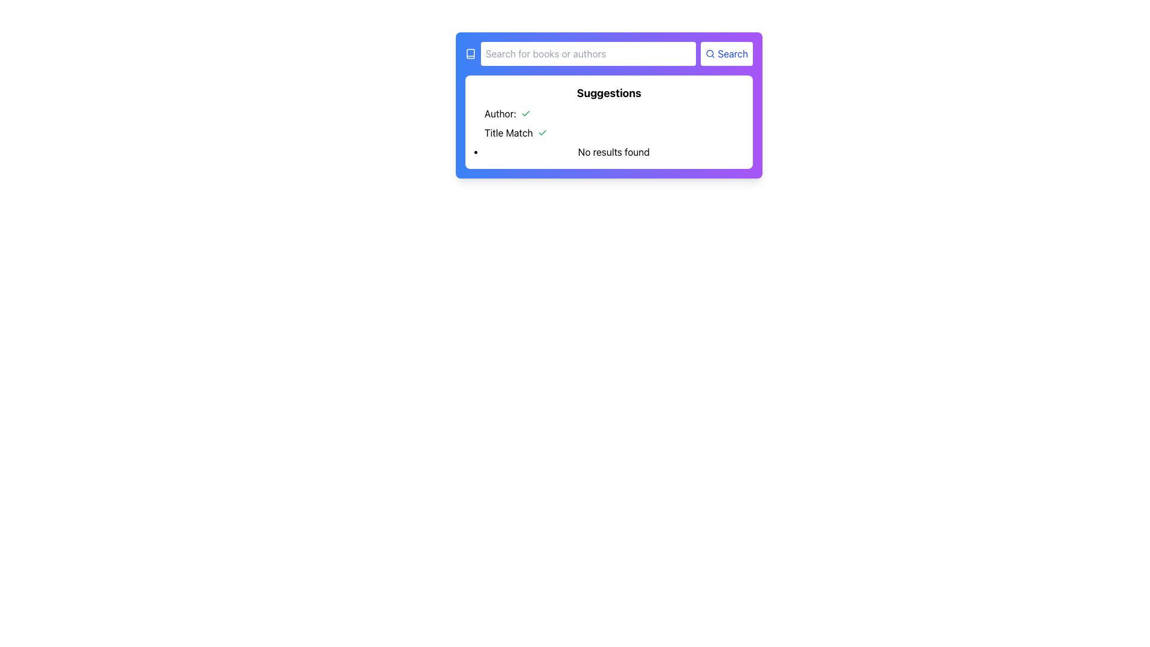 This screenshot has height=647, width=1150. I want to click on the circular icon representing the lens of the magnifying glass in the top search bar, located at the rightmost section, so click(710, 53).